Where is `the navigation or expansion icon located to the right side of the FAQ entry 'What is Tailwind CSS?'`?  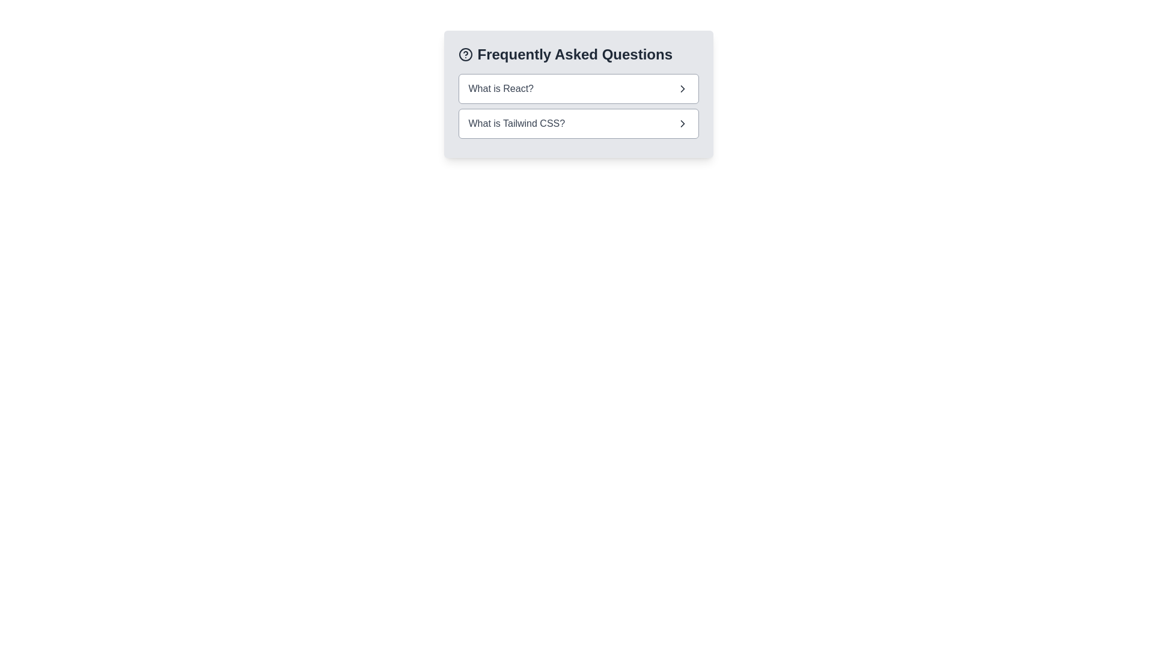
the navigation or expansion icon located to the right side of the FAQ entry 'What is Tailwind CSS?' is located at coordinates (682, 123).